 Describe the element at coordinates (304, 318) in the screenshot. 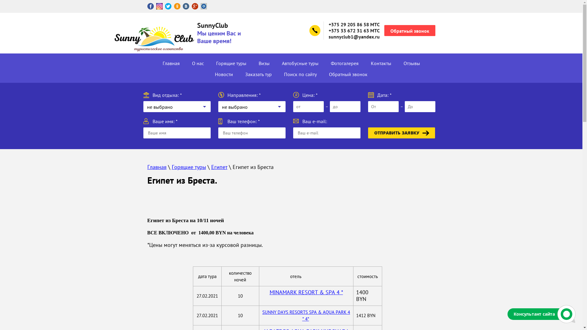

I see `' 4*'` at that location.